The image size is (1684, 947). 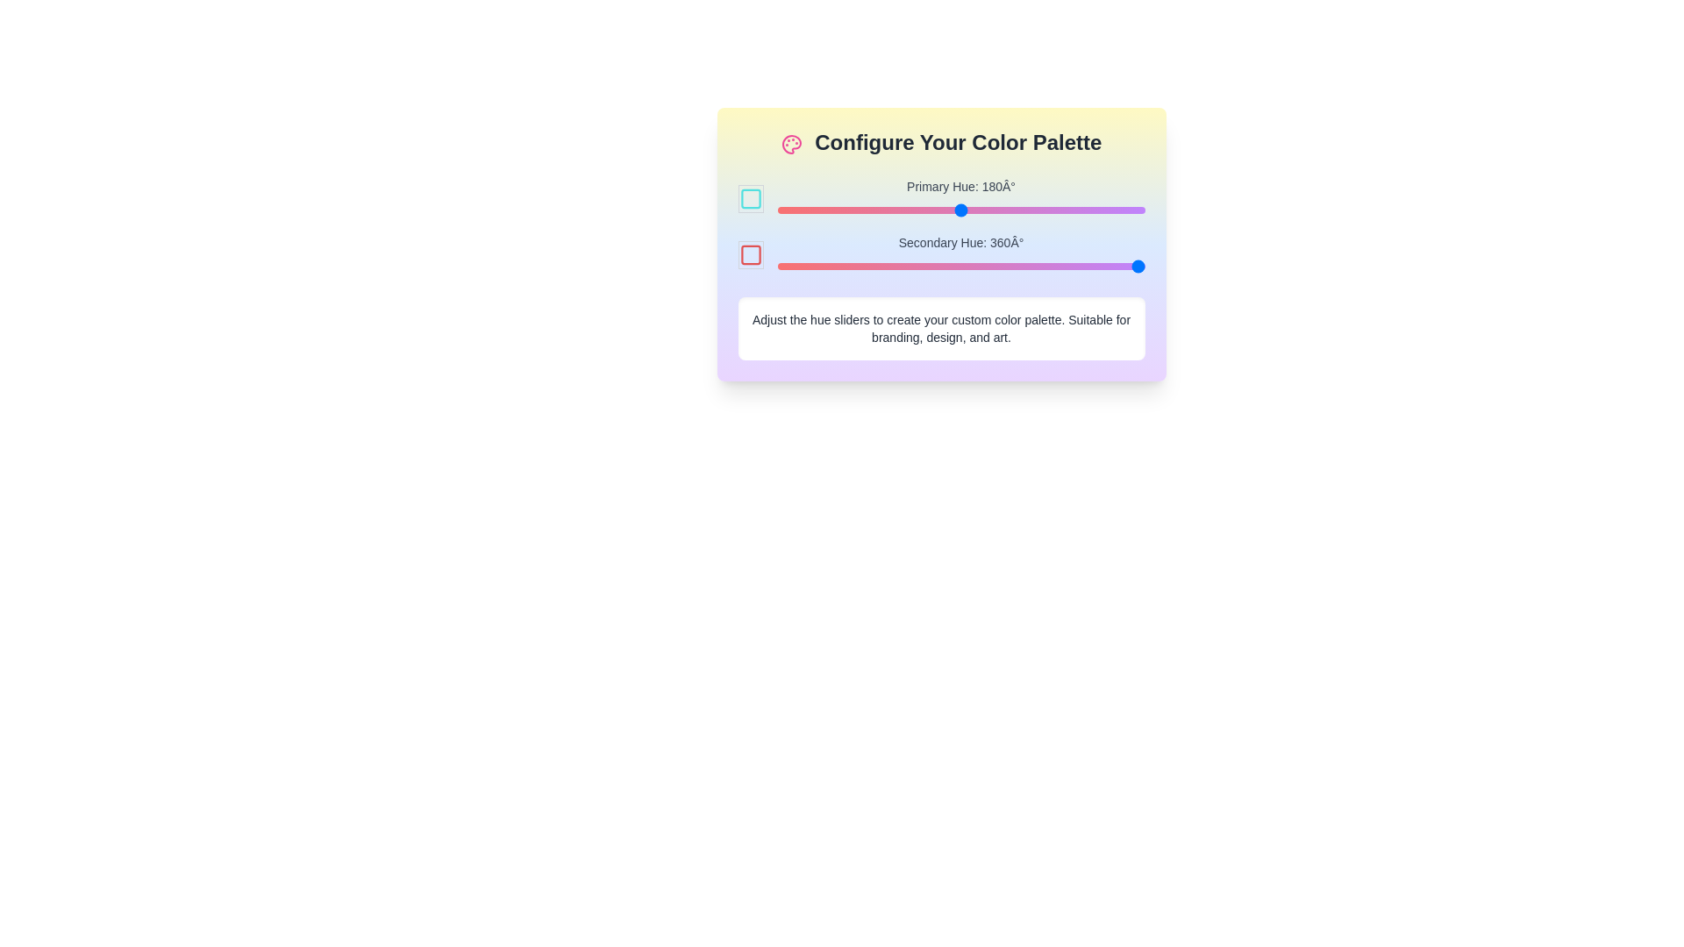 I want to click on the secondary hue slider to 192°, so click(x=972, y=267).